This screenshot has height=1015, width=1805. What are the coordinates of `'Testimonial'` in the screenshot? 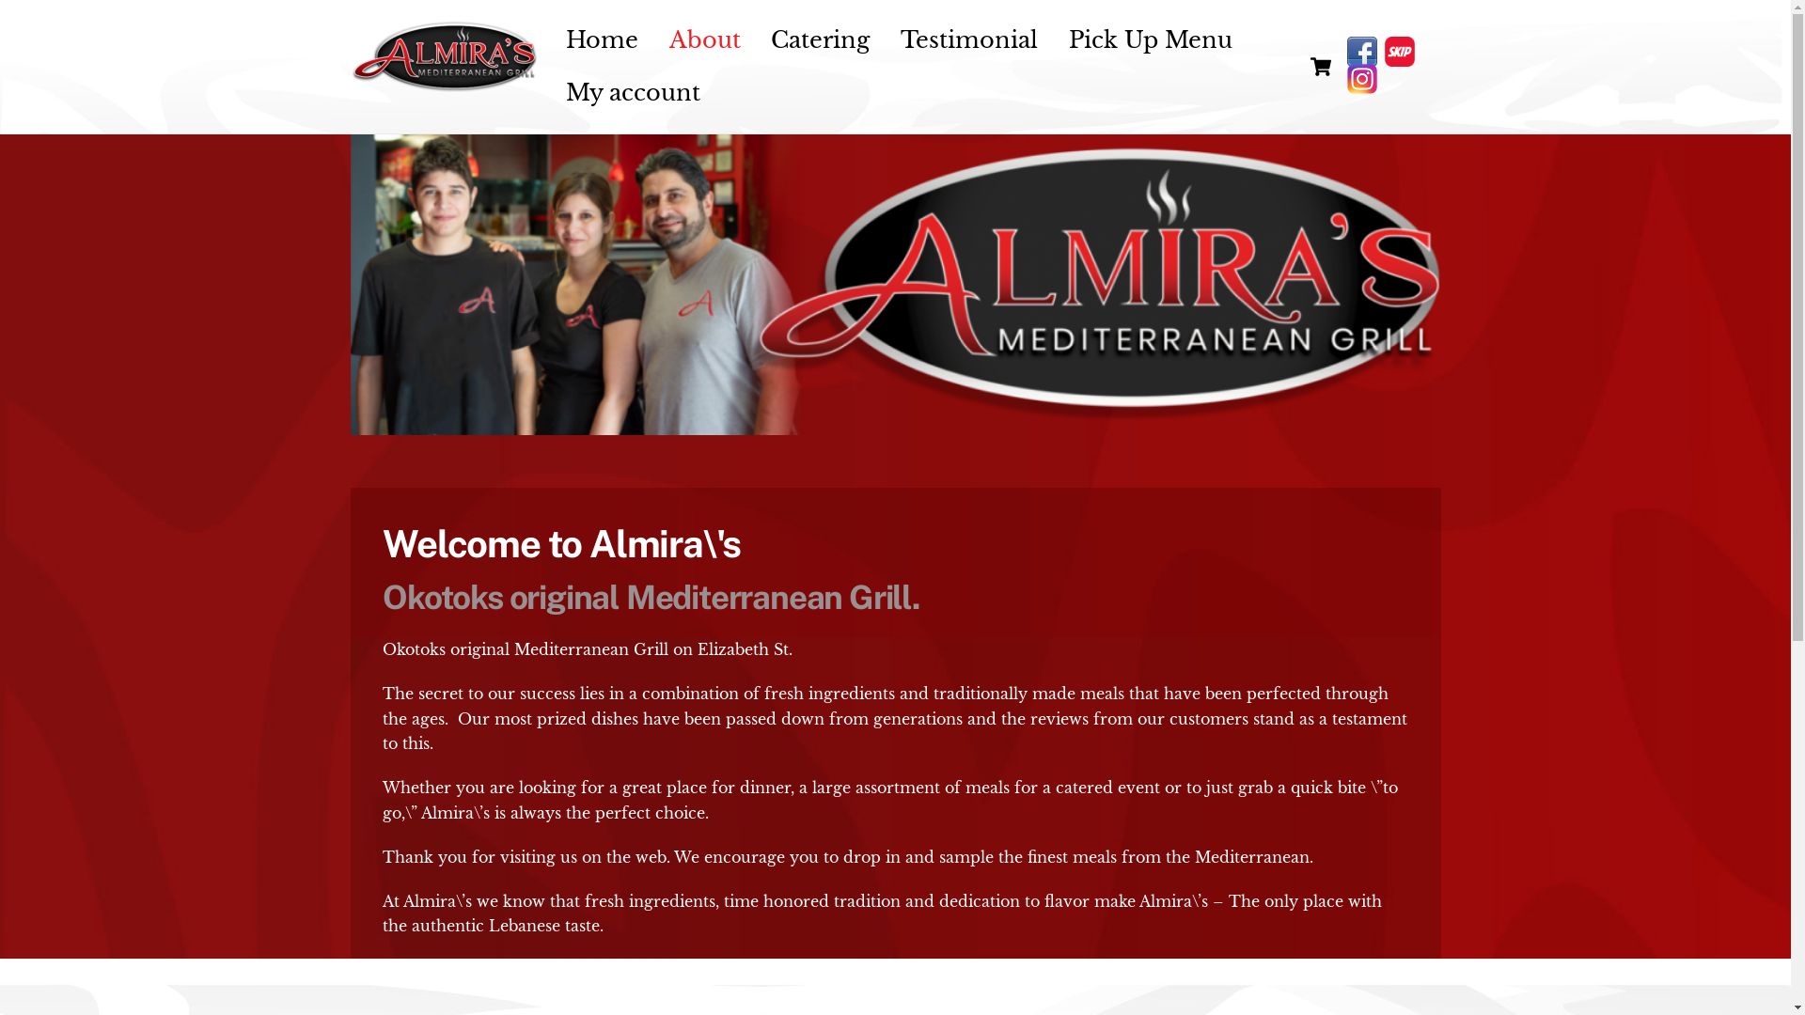 It's located at (969, 40).